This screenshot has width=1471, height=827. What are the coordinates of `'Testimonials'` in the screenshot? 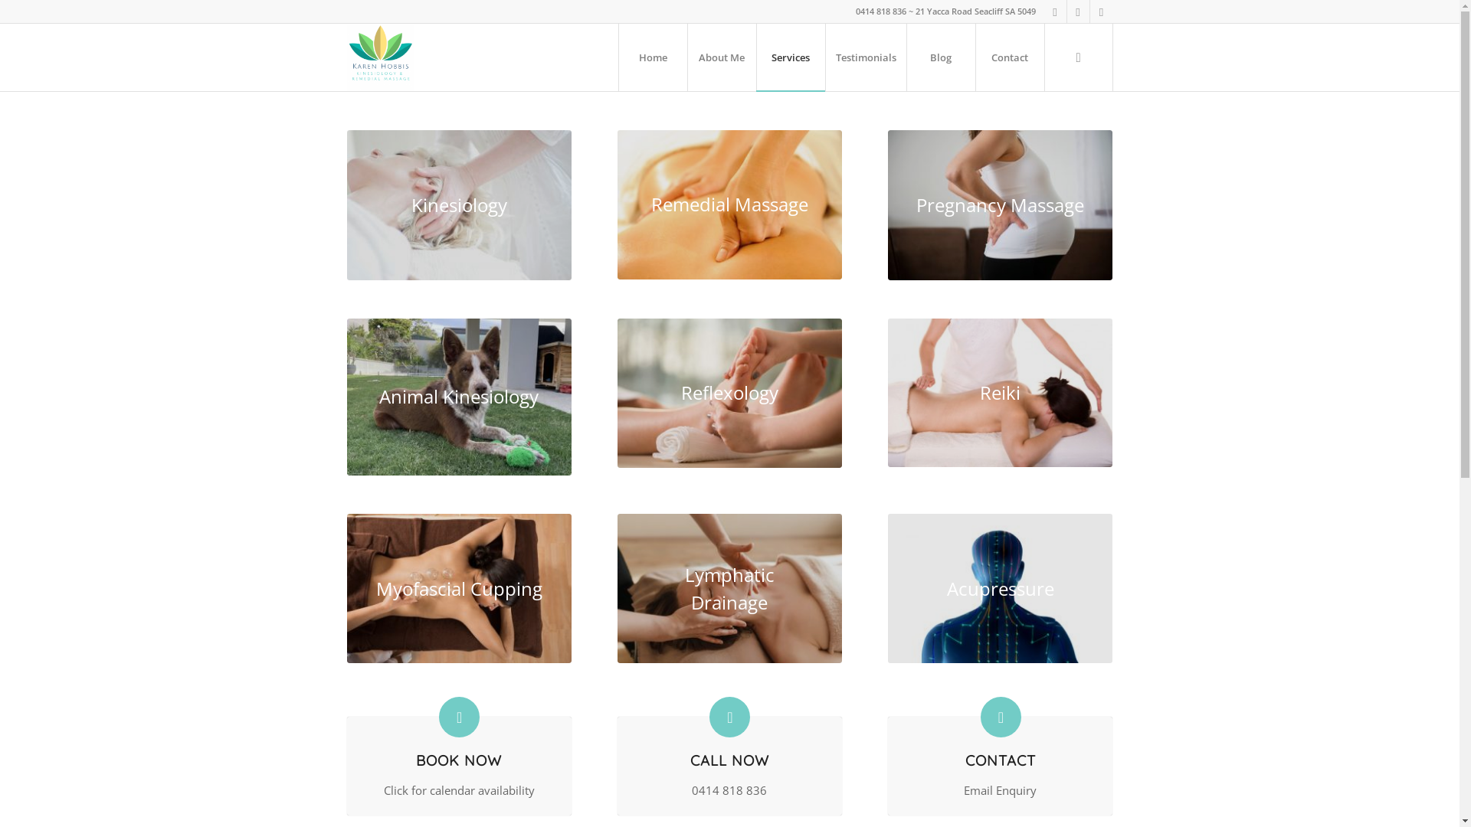 It's located at (864, 56).